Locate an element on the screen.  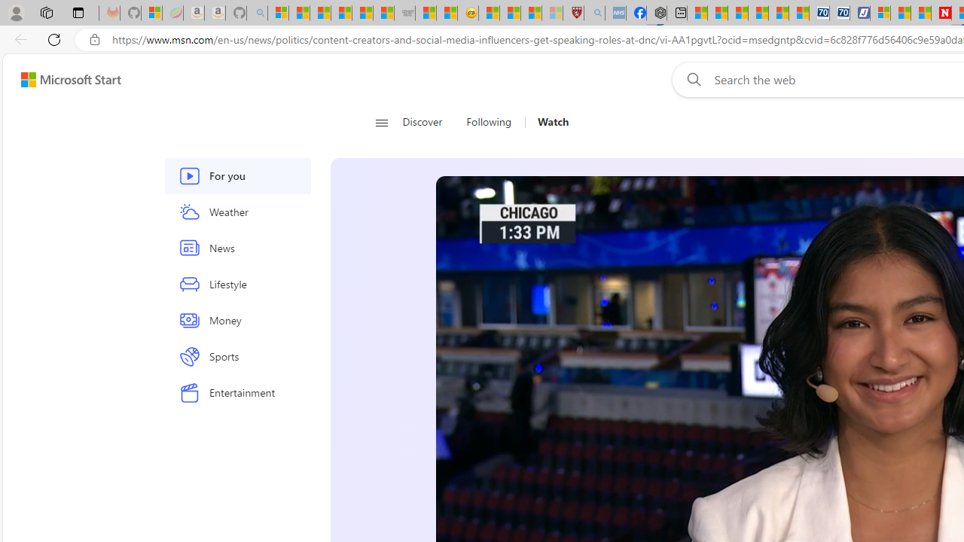
'Class: button-glyph' is located at coordinates (381, 122).